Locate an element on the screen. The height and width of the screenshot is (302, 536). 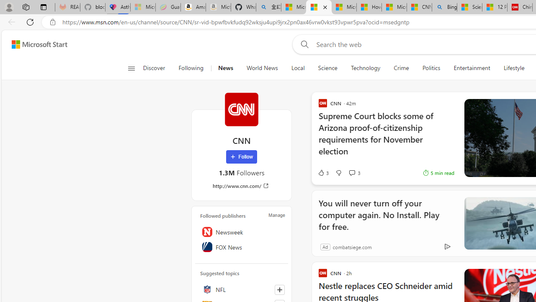
'CNN - MSN' is located at coordinates (419, 7).